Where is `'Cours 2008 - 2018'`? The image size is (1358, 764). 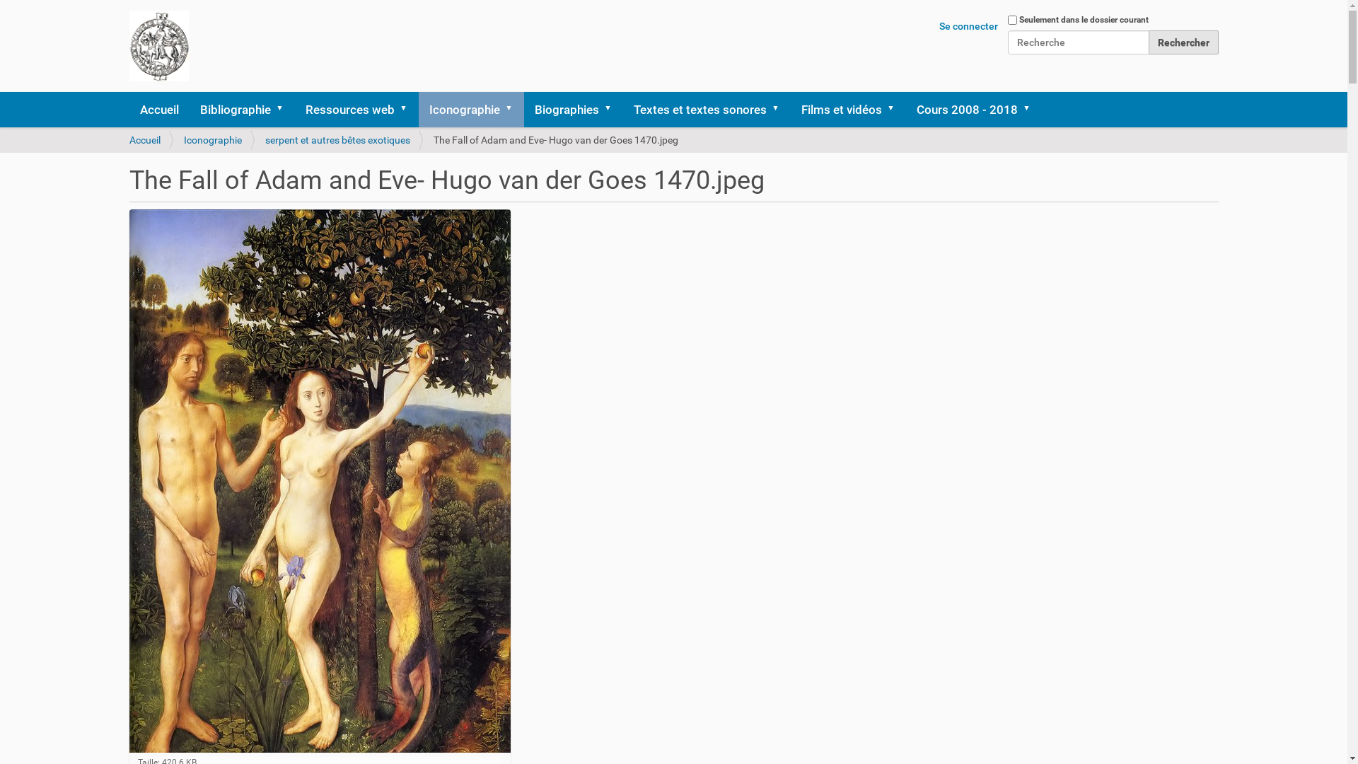 'Cours 2008 - 2018' is located at coordinates (973, 108).